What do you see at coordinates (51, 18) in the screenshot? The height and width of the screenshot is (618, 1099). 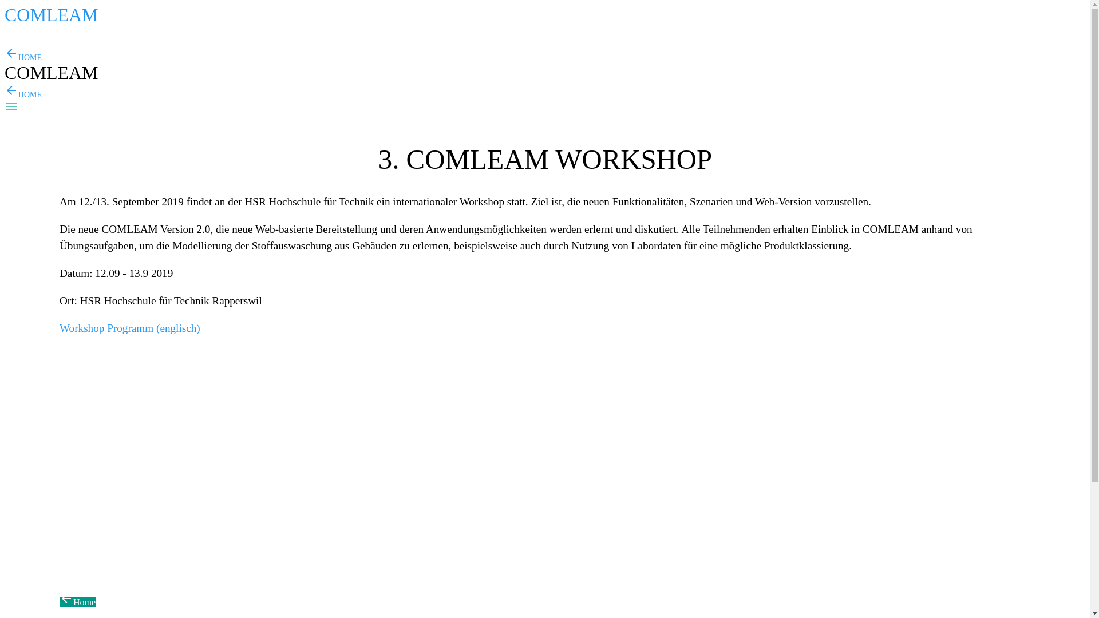 I see `'COMLEAM'` at bounding box center [51, 18].